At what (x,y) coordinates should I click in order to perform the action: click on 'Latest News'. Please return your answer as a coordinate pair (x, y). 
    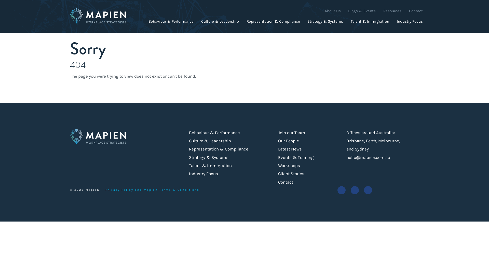
    Looking at the image, I should click on (290, 149).